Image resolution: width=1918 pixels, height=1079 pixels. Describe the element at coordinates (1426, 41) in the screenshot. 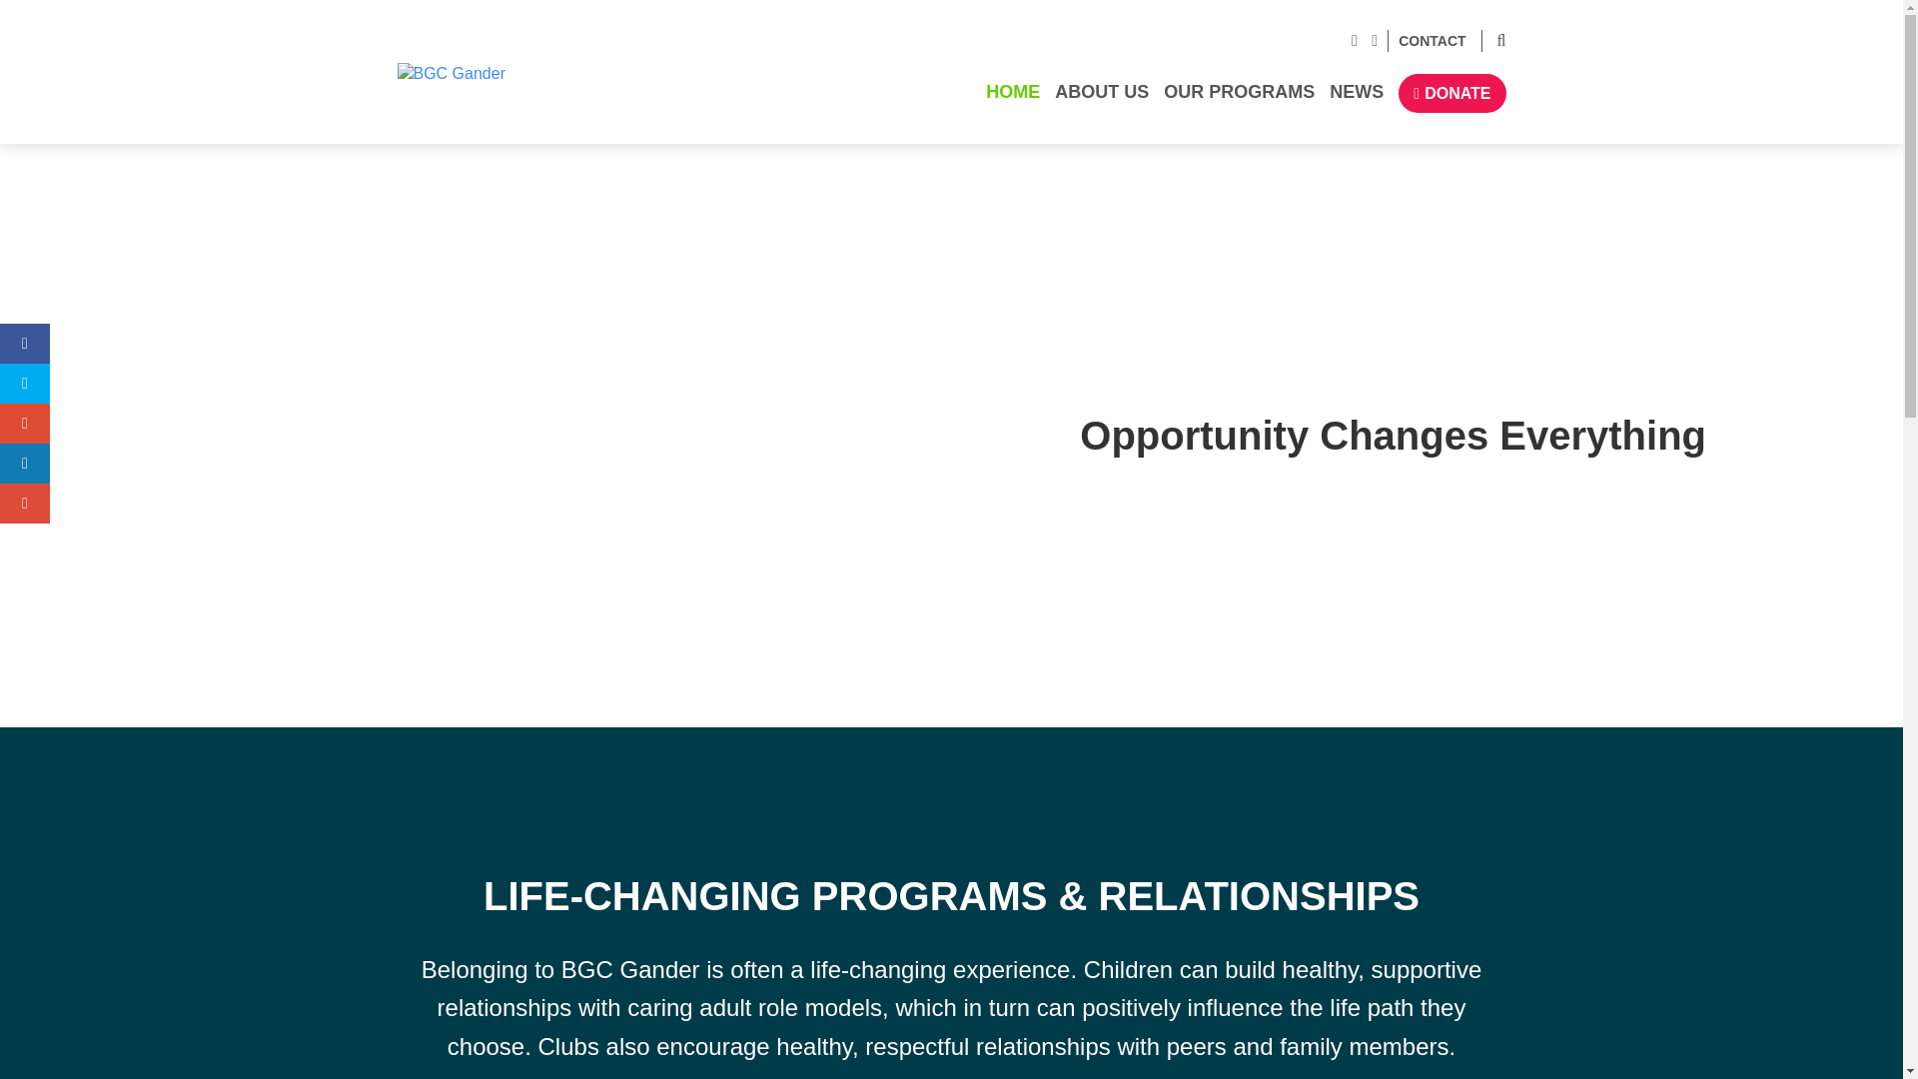

I see `'CONTACT'` at that location.